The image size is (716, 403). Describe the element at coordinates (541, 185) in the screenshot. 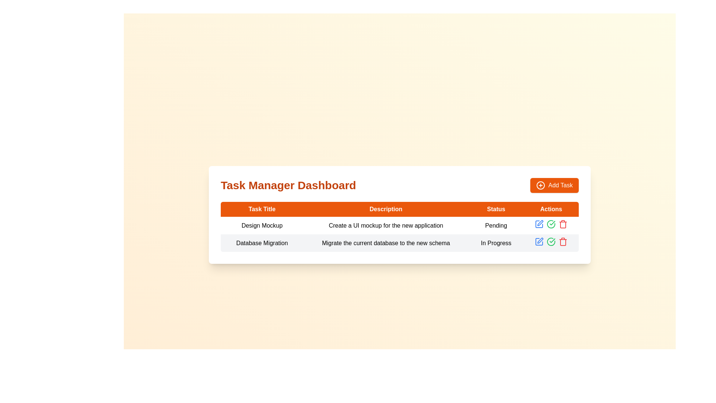

I see `the circular button of the 'Add Task' icon located at the top-right corner of the dashboard, adjacent to the task table action bar` at that location.